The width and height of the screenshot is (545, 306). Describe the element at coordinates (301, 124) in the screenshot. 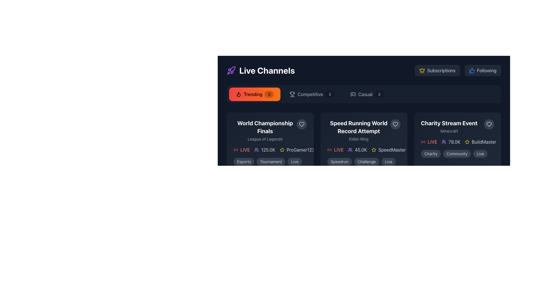

I see `the heart icon, which is a dark gray or black SVG graphic located at the top-right corner of the 'Speed Running World Record Attempt' channel card` at that location.